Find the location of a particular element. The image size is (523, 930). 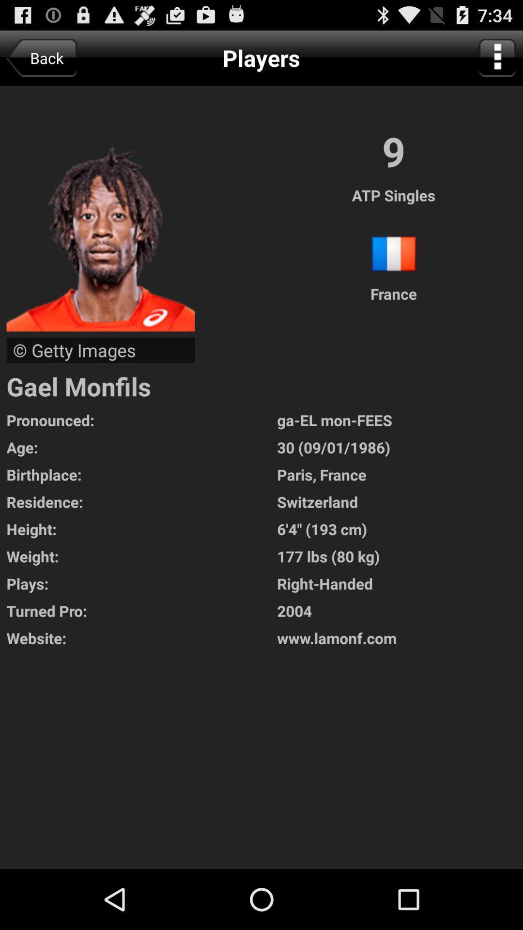

the app to the left of the 6 4 193 icon is located at coordinates (141, 556).